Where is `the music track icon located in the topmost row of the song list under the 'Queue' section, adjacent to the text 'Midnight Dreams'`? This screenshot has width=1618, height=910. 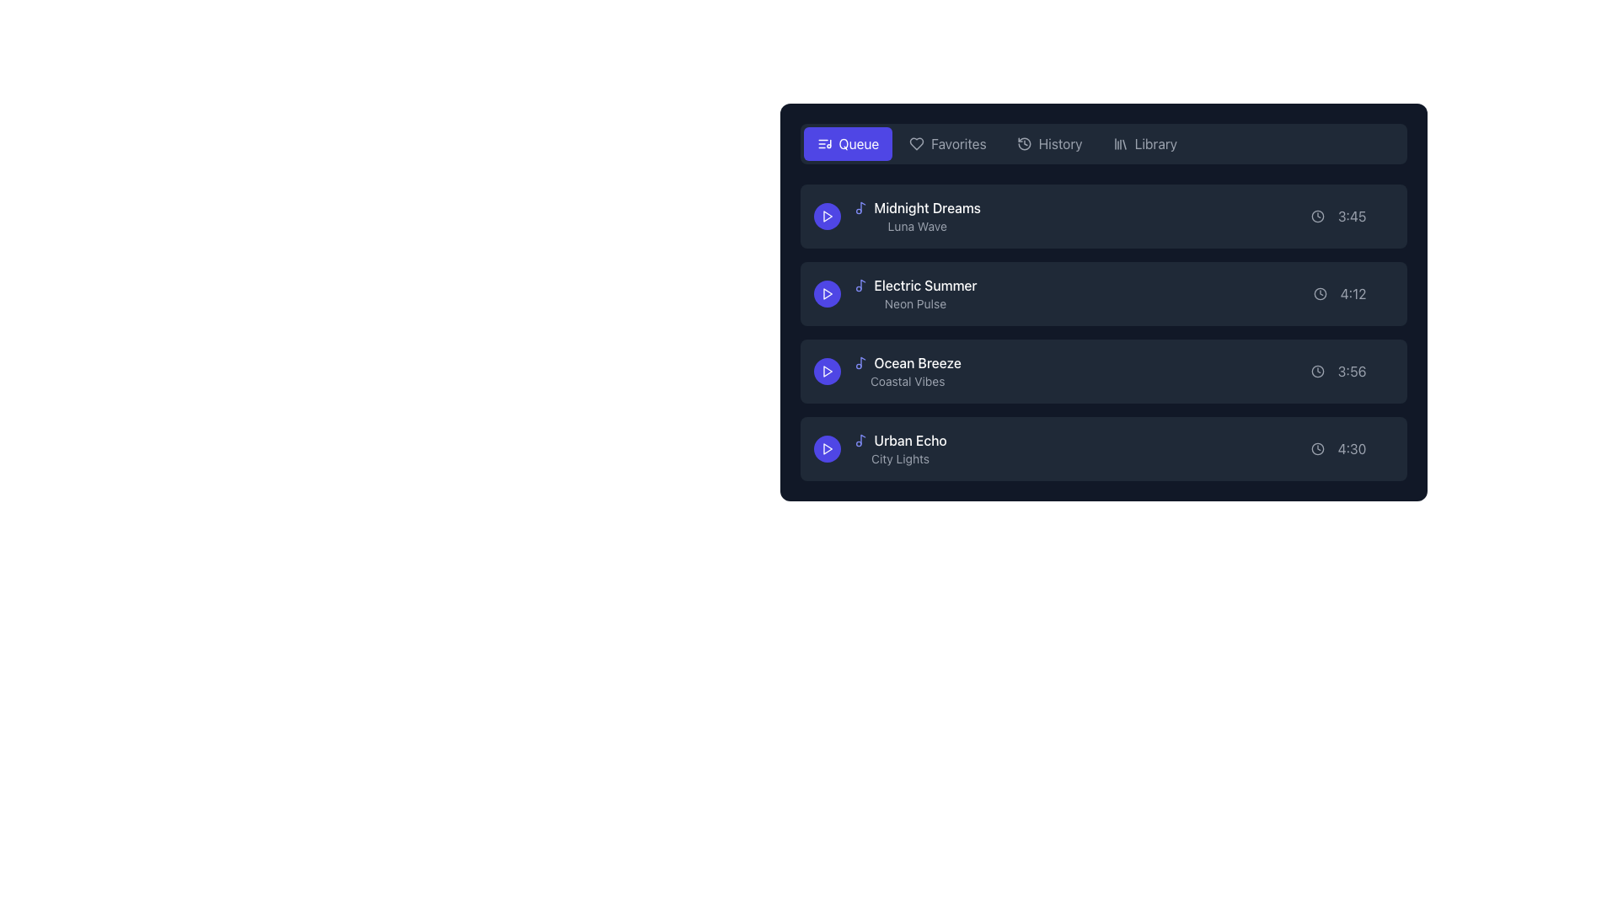 the music track icon located in the topmost row of the song list under the 'Queue' section, adjacent to the text 'Midnight Dreams' is located at coordinates (860, 206).